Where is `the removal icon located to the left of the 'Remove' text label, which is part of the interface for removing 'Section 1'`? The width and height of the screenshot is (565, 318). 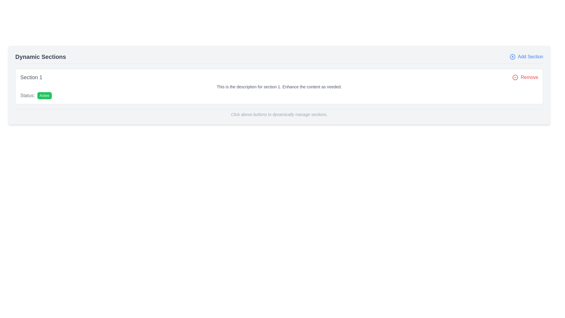
the removal icon located to the left of the 'Remove' text label, which is part of the interface for removing 'Section 1' is located at coordinates (515, 77).